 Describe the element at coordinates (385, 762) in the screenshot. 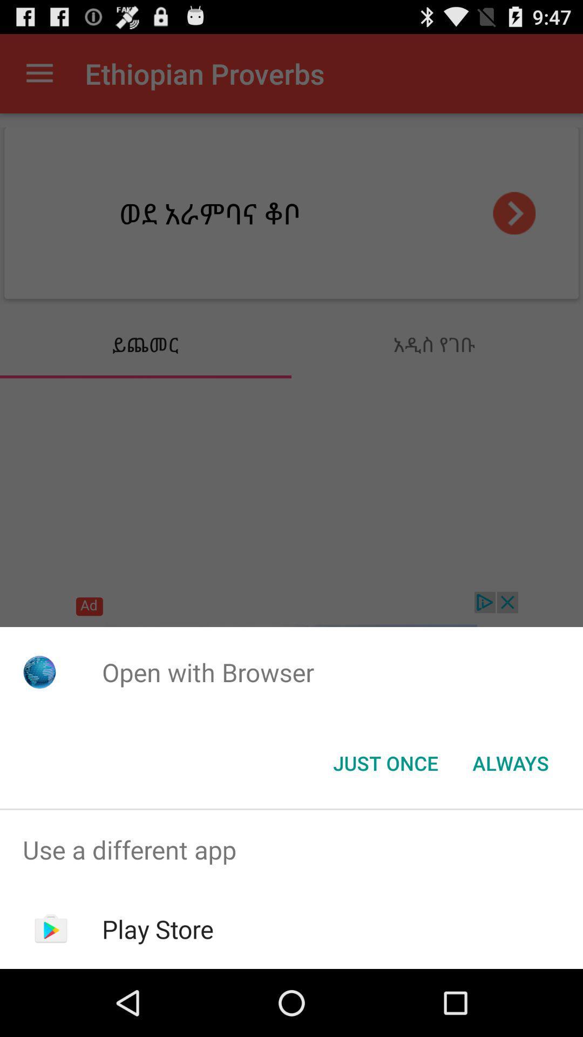

I see `icon below the open with browser app` at that location.